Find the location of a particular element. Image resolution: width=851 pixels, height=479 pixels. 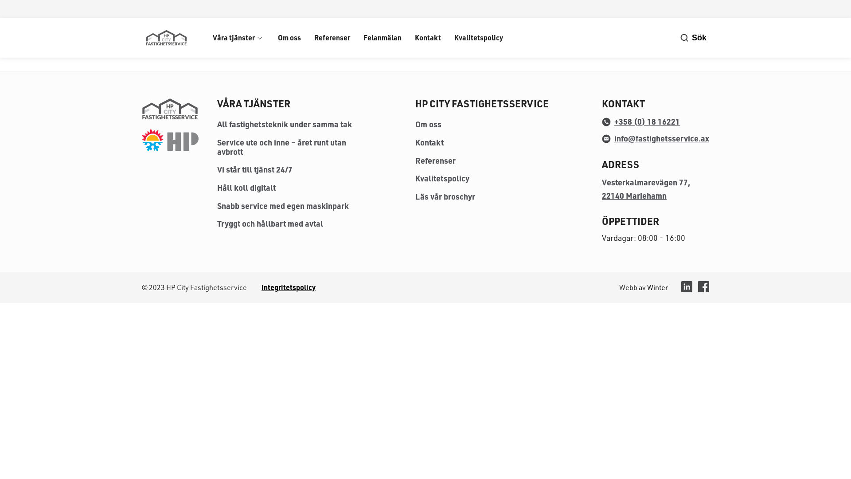

'Kvalitetspolicy' is located at coordinates (442, 178).